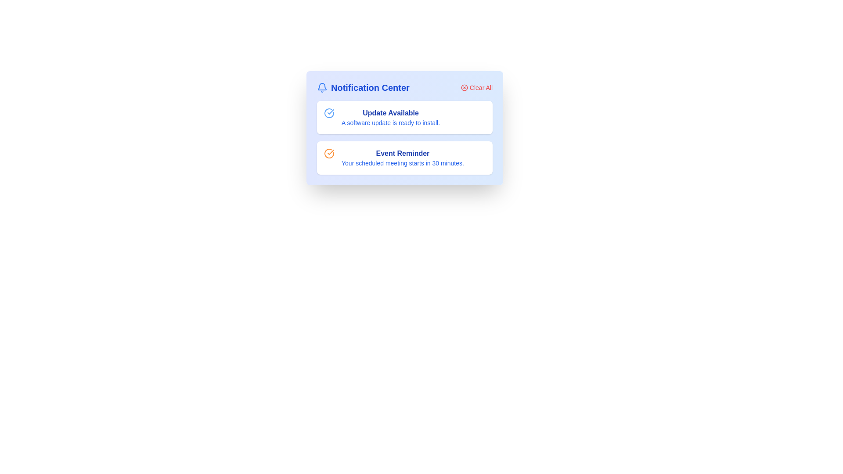 Image resolution: width=843 pixels, height=474 pixels. Describe the element at coordinates (476, 88) in the screenshot. I see `the 'Clear All' text button with an icon, which is styled with red text and an underline effect on hover` at that location.